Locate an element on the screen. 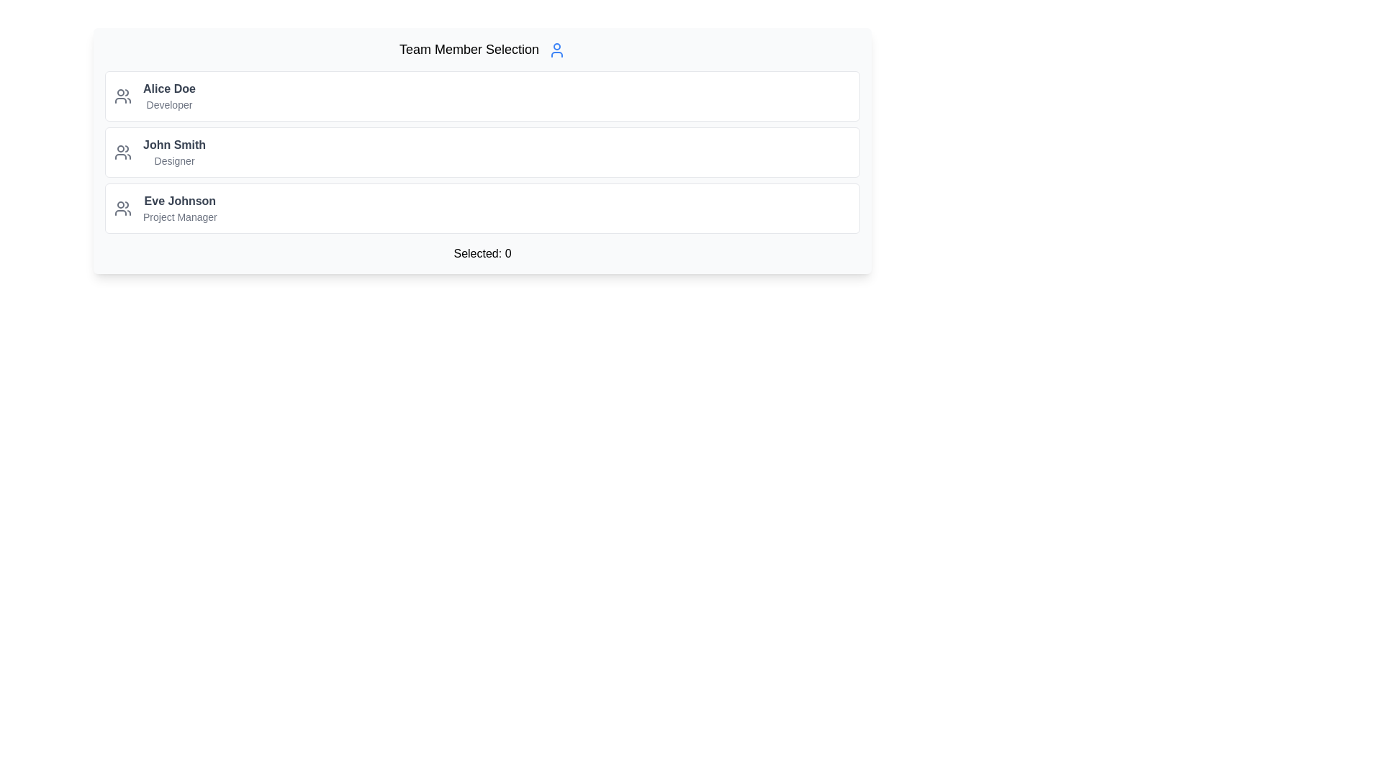  the SVG icon depicting two stylized user silhouettes, which is part of the row entry labeled 'John Smith Designer' located on the second row of team members is located at coordinates (123, 153).